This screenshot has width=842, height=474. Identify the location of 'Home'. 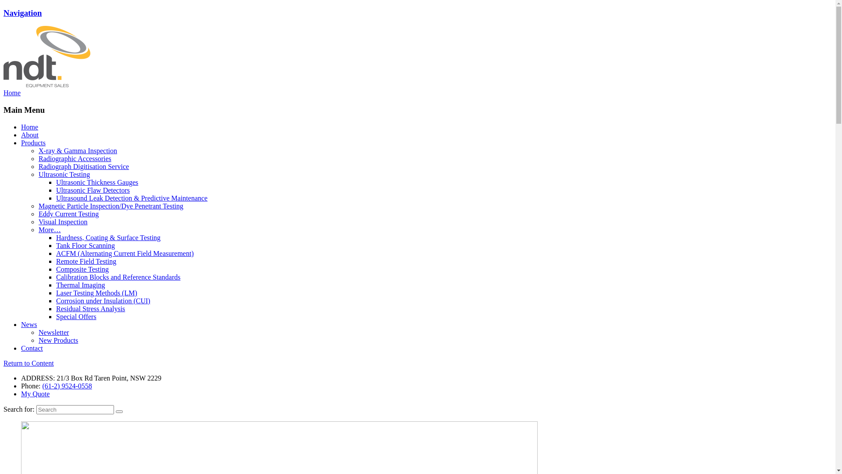
(21, 127).